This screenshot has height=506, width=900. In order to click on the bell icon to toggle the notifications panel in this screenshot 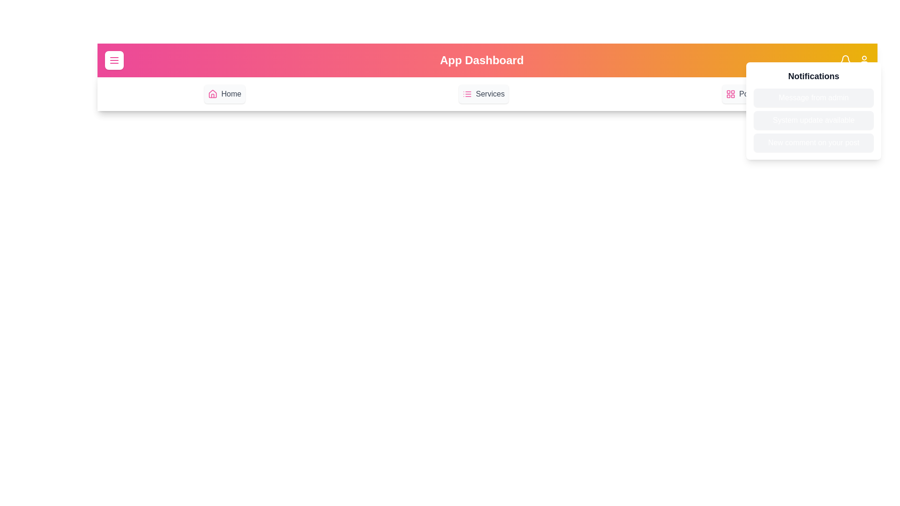, I will do `click(846, 60)`.